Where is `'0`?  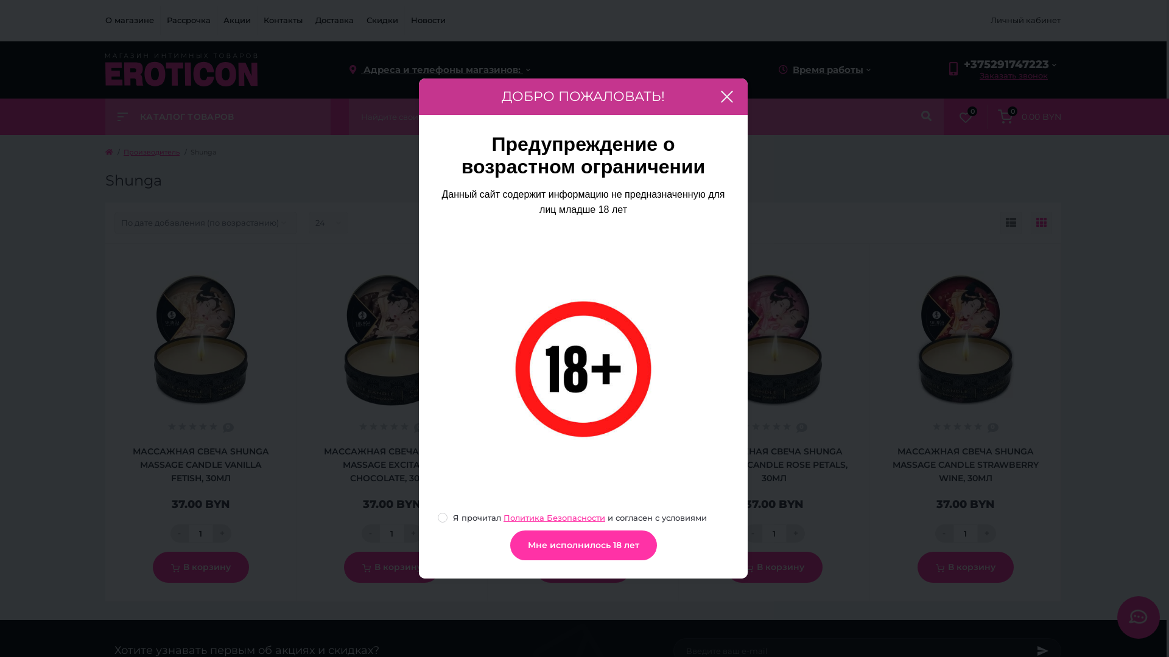
'0 is located at coordinates (1023, 117).